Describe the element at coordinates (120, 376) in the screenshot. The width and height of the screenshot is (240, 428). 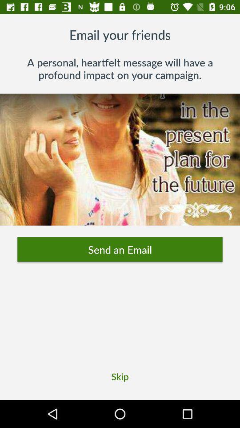
I see `icon below the send an email item` at that location.